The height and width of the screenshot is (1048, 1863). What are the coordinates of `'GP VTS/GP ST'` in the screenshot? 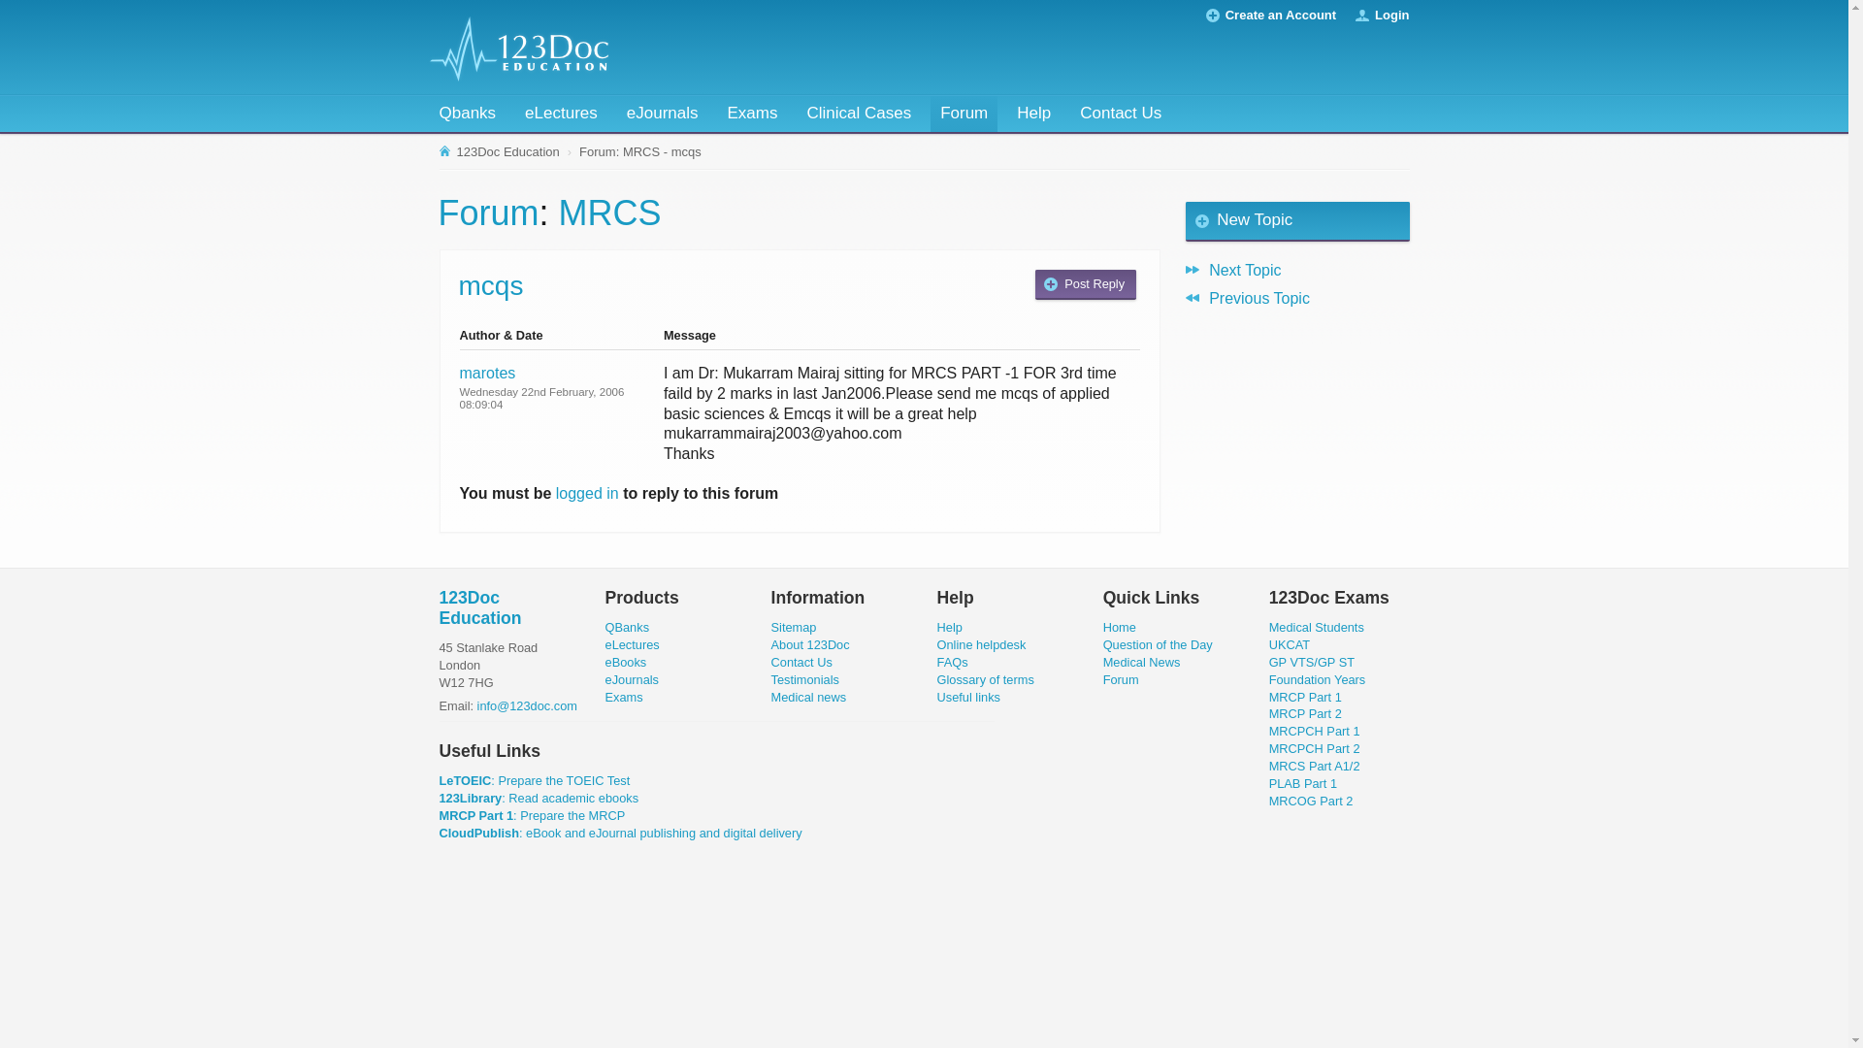 It's located at (1269, 661).